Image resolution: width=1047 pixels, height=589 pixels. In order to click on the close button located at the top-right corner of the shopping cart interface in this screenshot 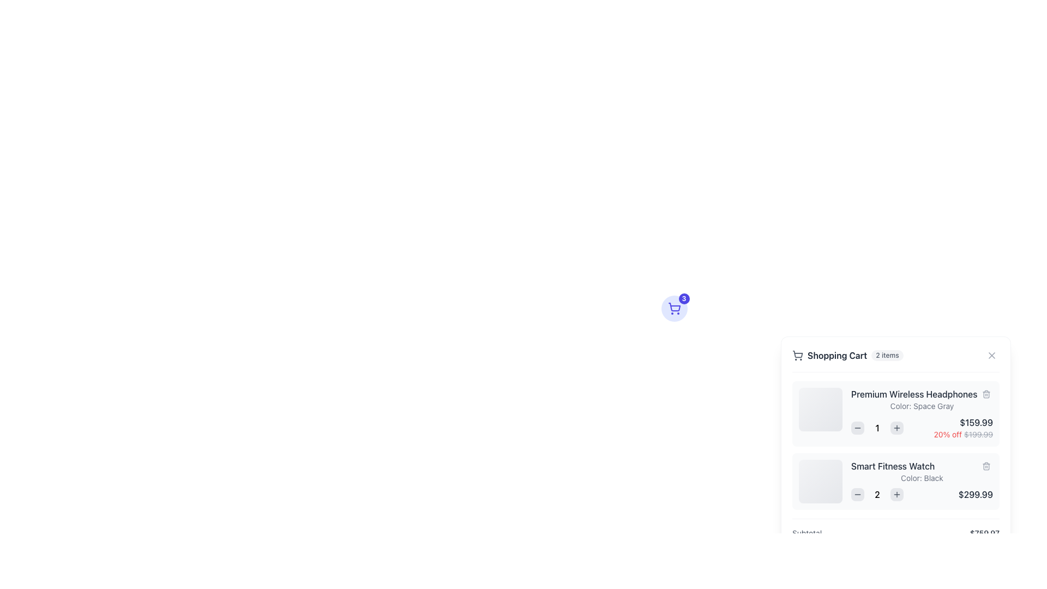, I will do `click(992, 355)`.